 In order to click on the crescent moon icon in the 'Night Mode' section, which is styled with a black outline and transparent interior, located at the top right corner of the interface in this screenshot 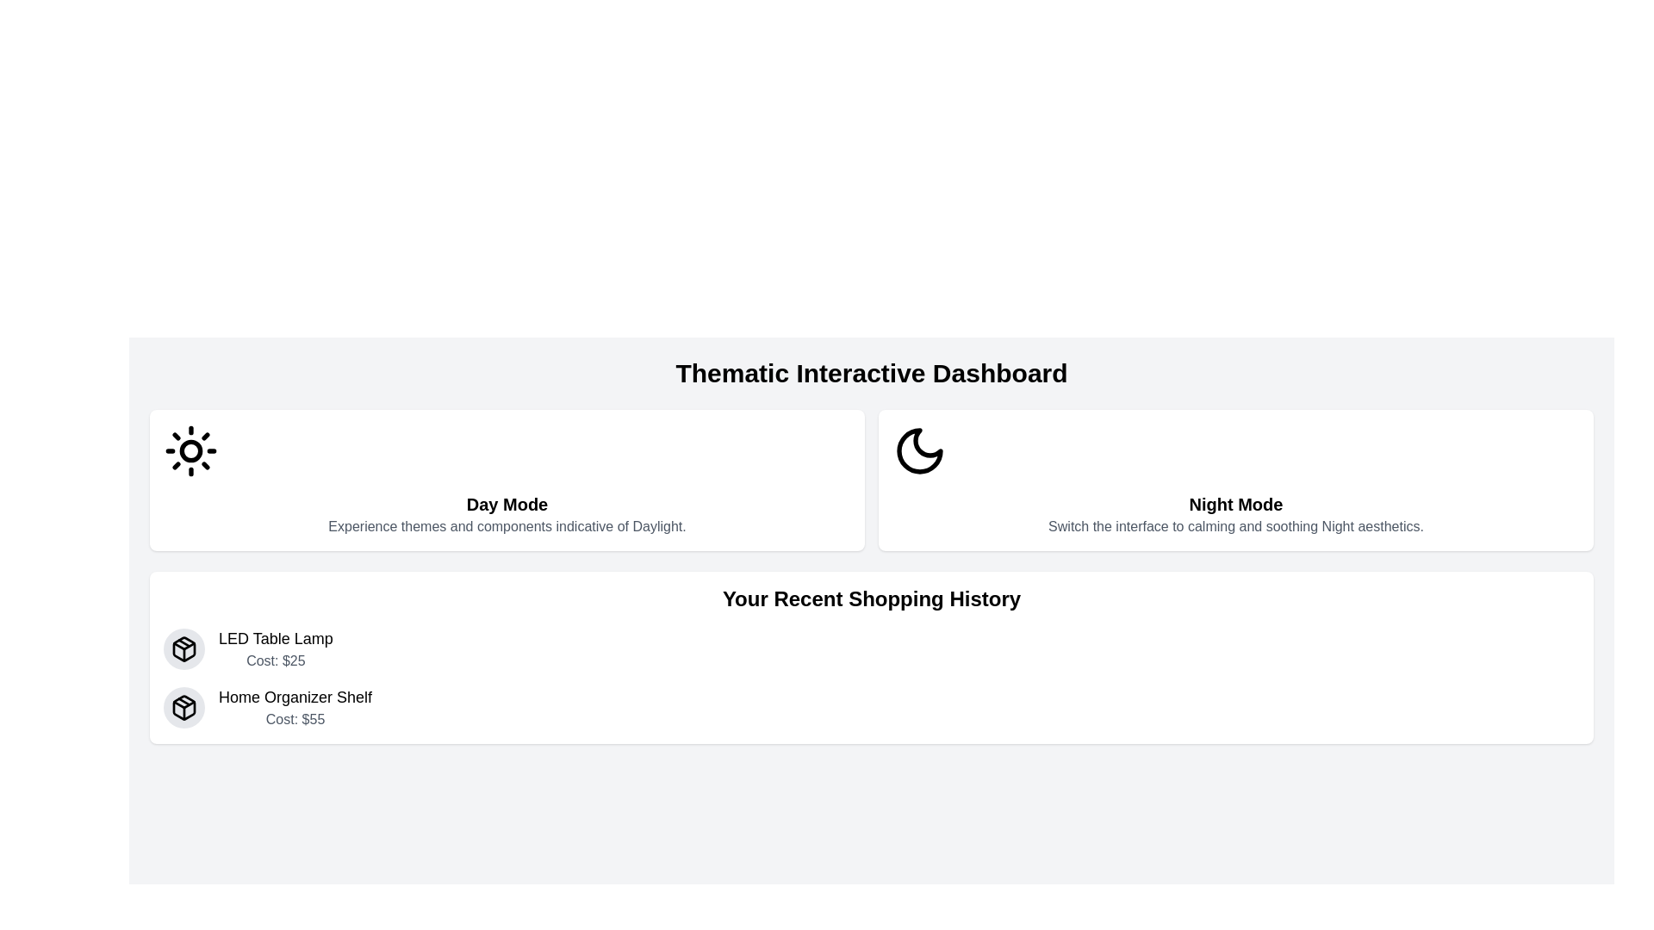, I will do `click(919, 450)`.